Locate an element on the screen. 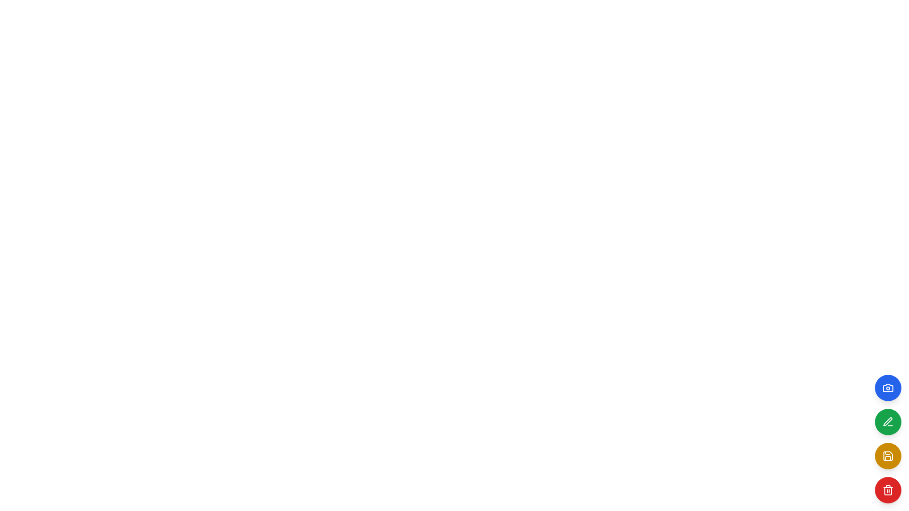  the circular blue button with a white camera icon is located at coordinates (888, 388).